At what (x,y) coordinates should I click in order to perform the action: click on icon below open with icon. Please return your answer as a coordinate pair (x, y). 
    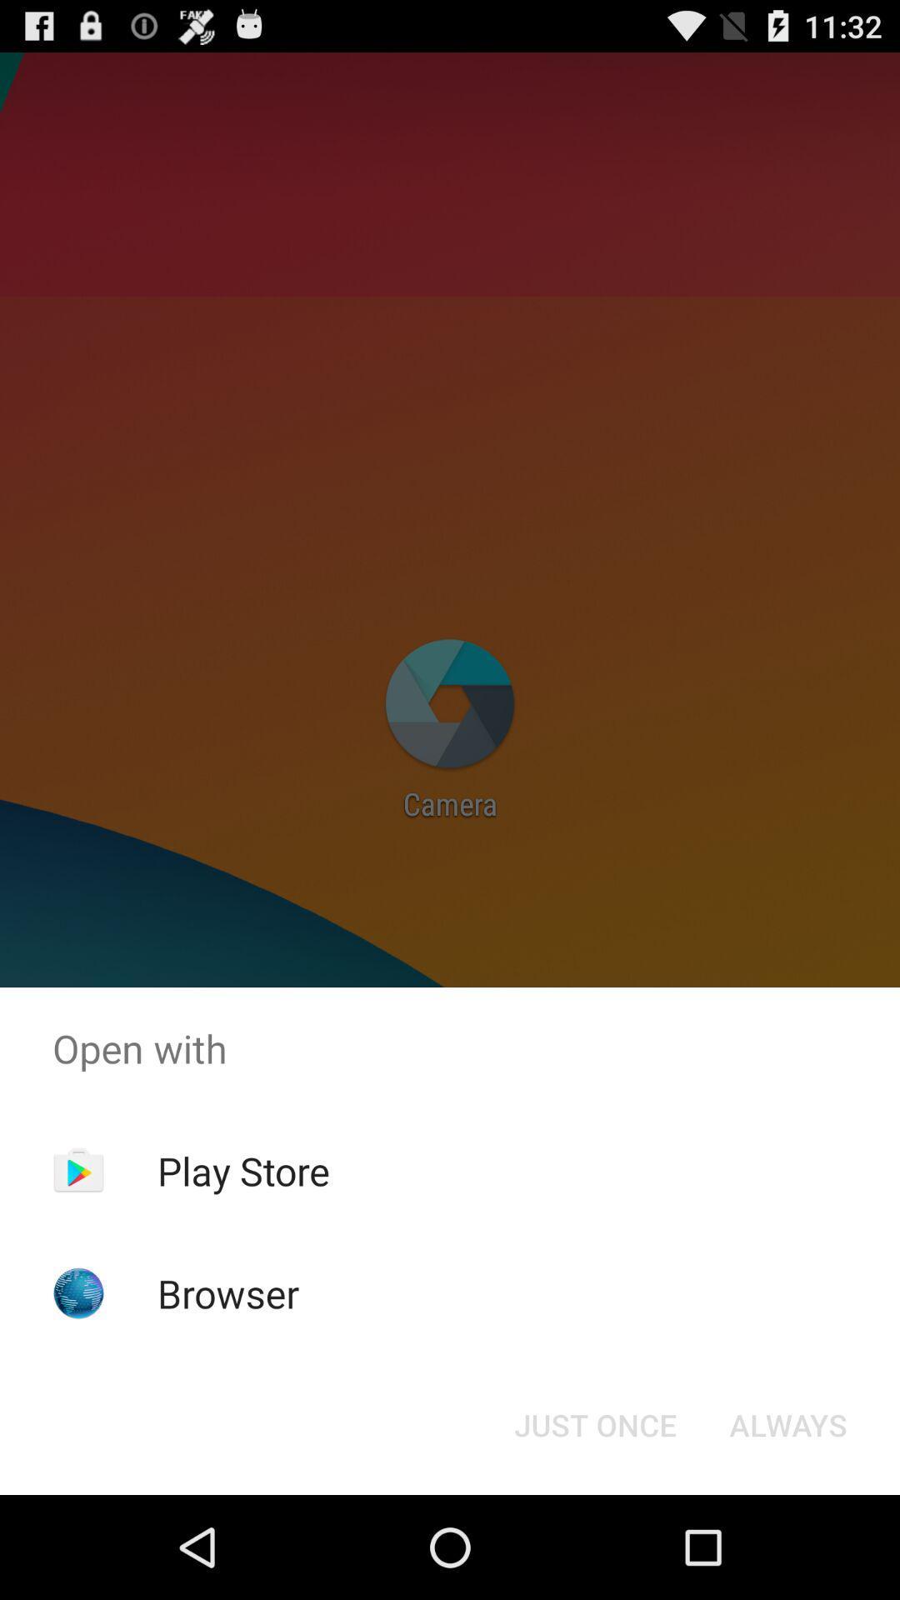
    Looking at the image, I should click on (787, 1423).